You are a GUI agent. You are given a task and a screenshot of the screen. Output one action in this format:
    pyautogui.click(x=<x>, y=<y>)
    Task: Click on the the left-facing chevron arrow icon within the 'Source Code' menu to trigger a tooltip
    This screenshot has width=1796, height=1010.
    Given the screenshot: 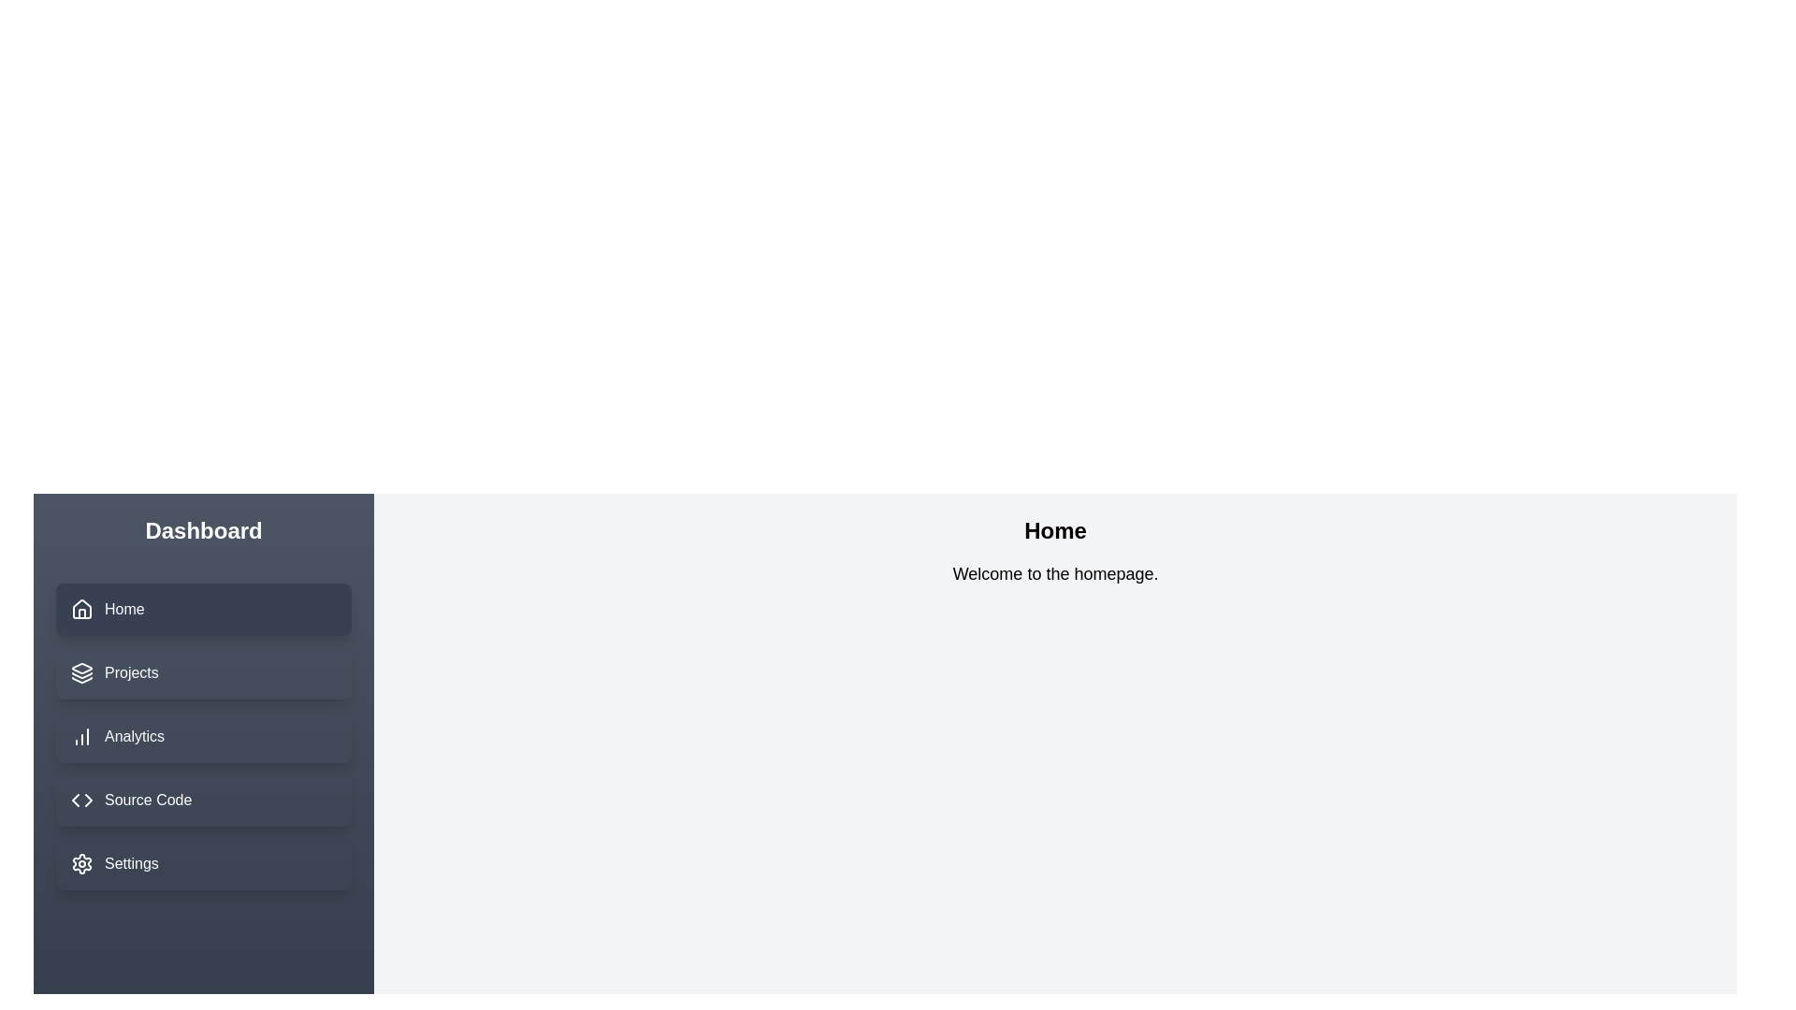 What is the action you would take?
    pyautogui.click(x=75, y=800)
    